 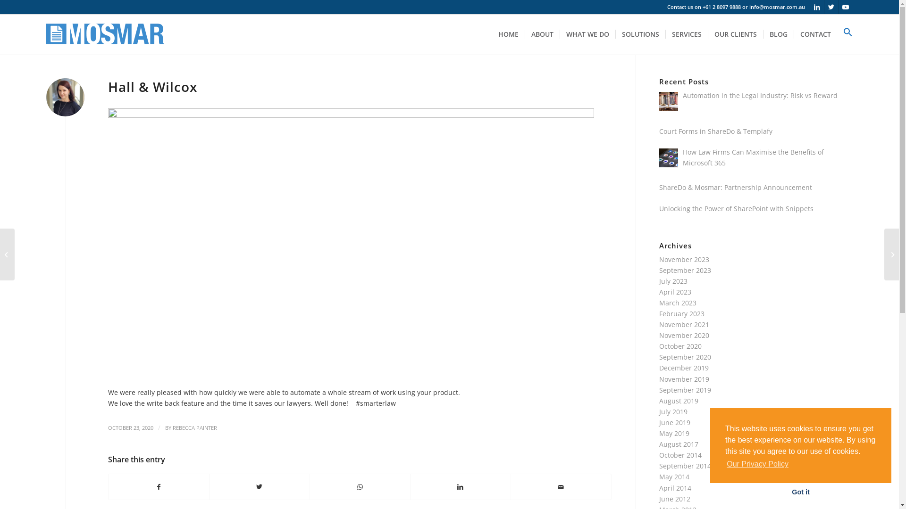 What do you see at coordinates (674, 291) in the screenshot?
I see `'April 2023'` at bounding box center [674, 291].